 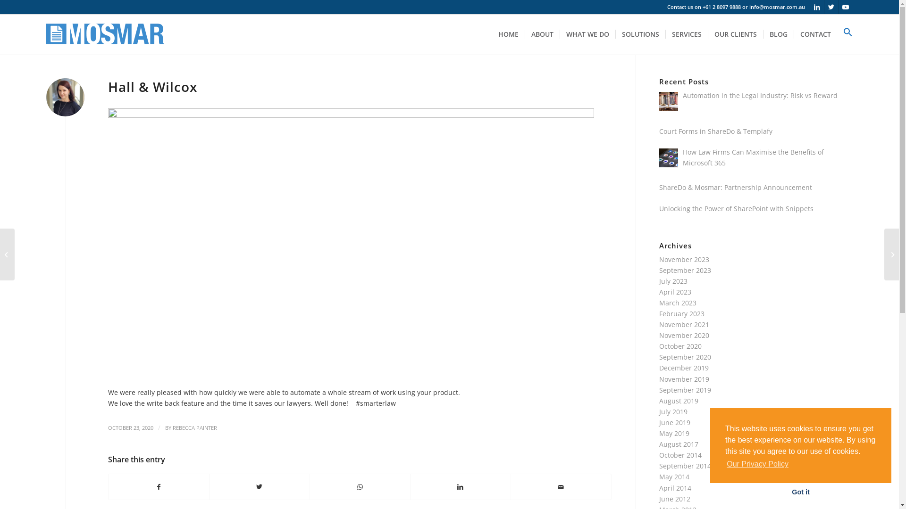 What do you see at coordinates (674, 291) in the screenshot?
I see `'April 2023'` at bounding box center [674, 291].